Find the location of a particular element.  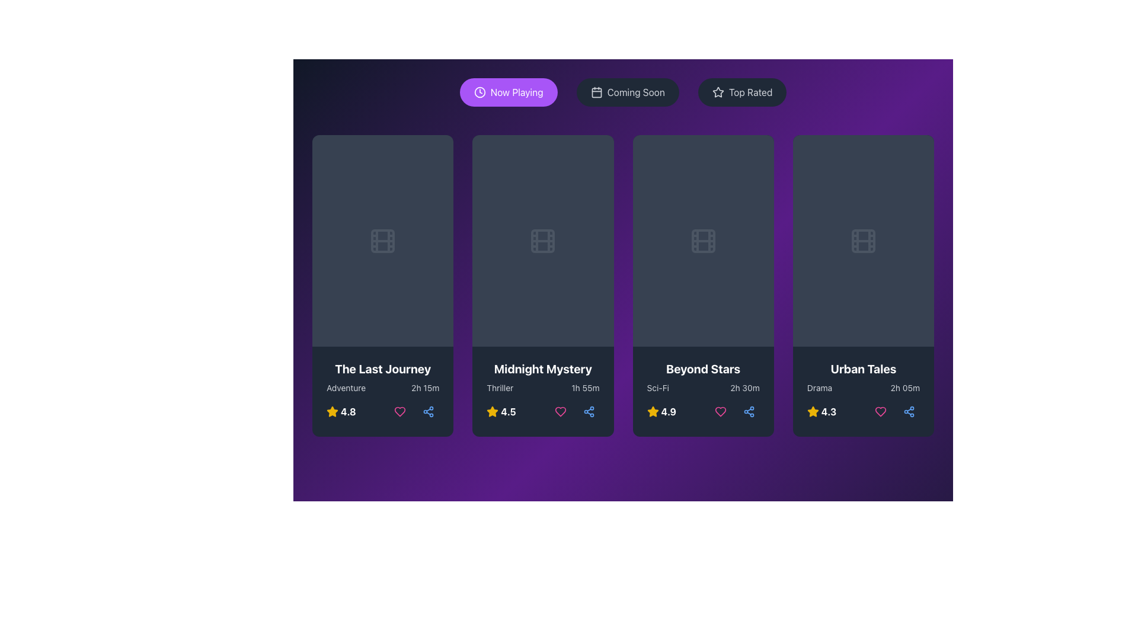

the Rating indicator located in the bottom left section of the first card, beneath the title 'The Last Journey', which displays a star icon and a numeric value is located at coordinates (340, 411).